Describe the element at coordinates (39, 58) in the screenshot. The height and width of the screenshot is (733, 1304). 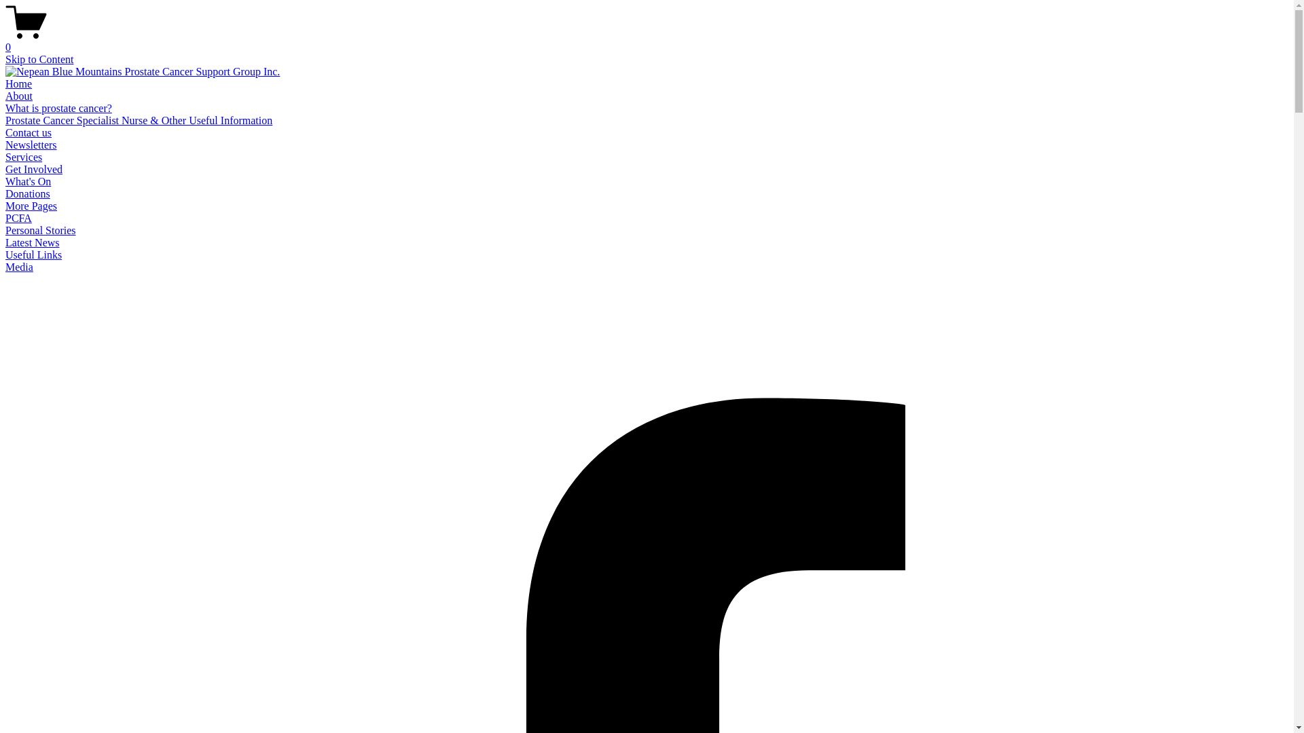
I see `'Skip to Content'` at that location.